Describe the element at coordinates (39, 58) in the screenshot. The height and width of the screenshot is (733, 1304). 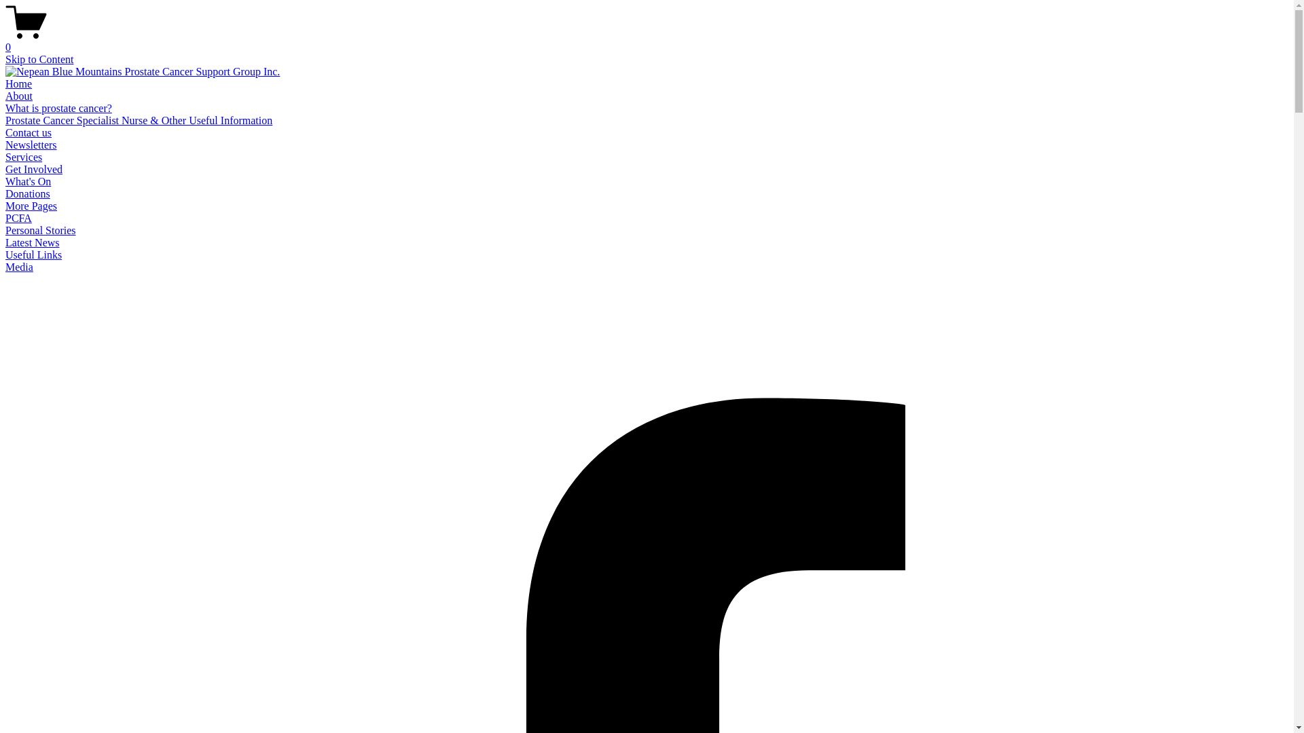
I see `'Skip to Content'` at that location.